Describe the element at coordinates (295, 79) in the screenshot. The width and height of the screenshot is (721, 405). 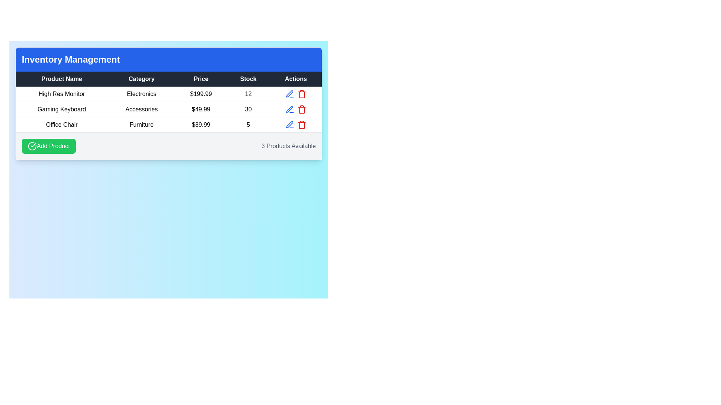
I see `the text label displaying 'Actions' in bold white font, which is the last header in the table row of column headers` at that location.